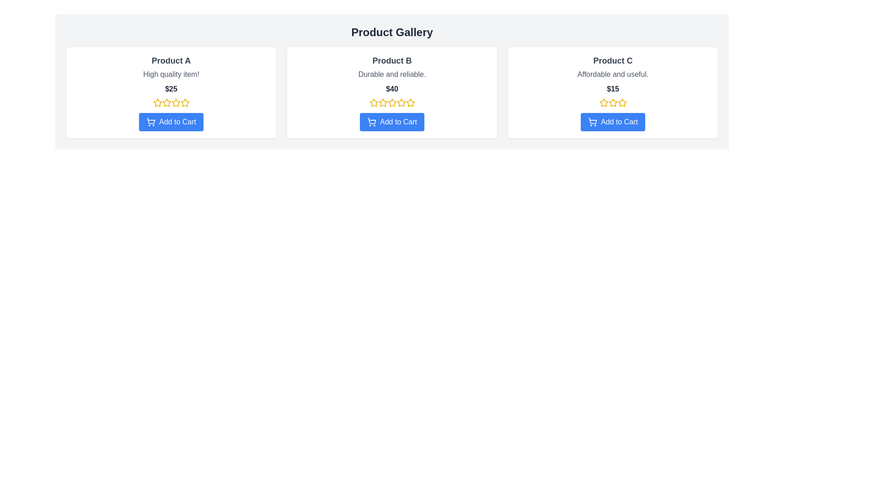 The width and height of the screenshot is (878, 494). I want to click on the first star icon of the rating system under 'Product A', which is a yellow star shape with a hollow center, positioned between the text '$25' and the 'Add to Cart' button, so click(157, 102).